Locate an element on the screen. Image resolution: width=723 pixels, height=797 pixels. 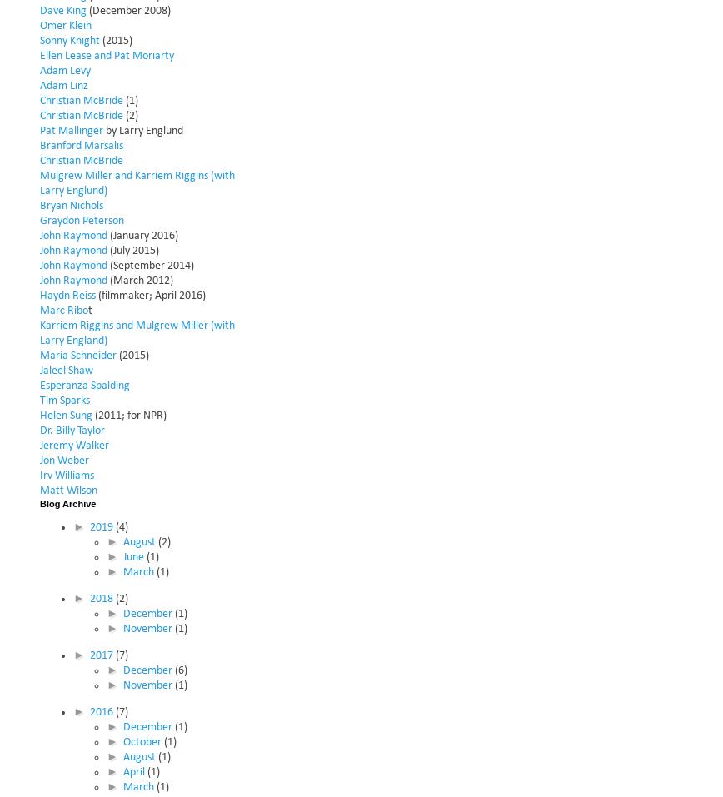
'Omer Klein' is located at coordinates (65, 24).